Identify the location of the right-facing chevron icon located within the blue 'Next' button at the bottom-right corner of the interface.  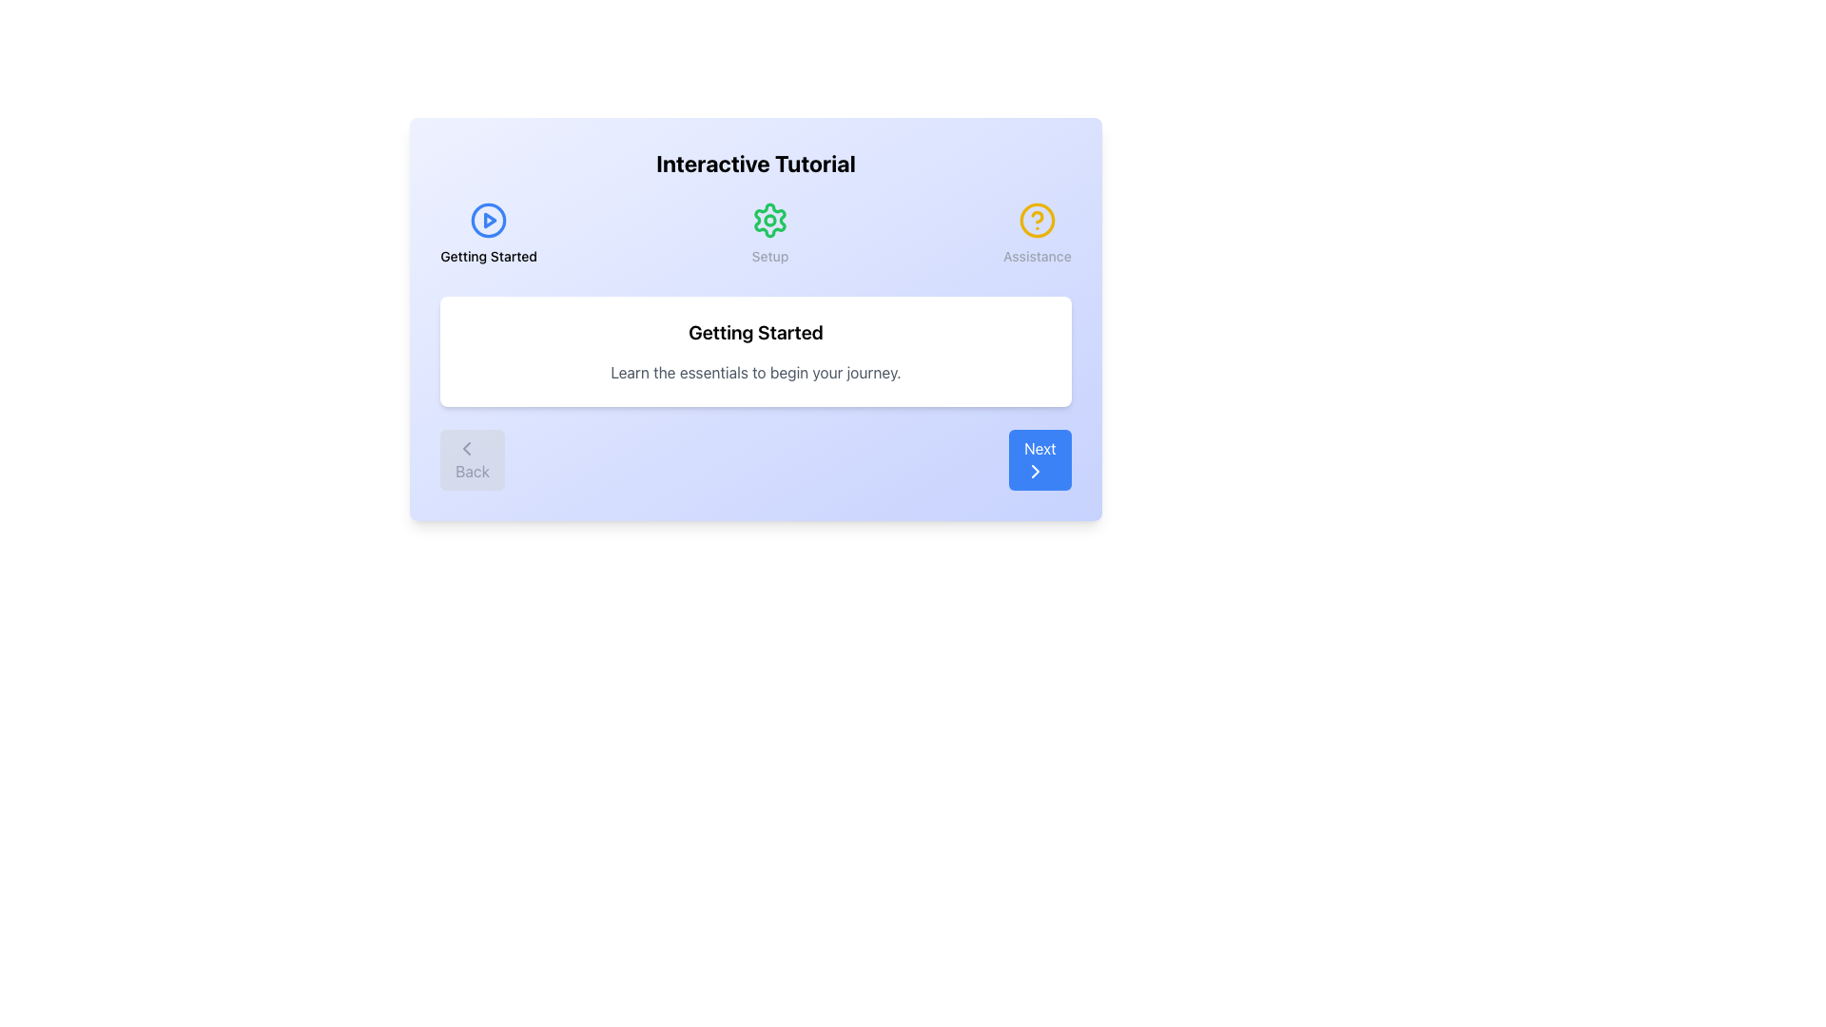
(1035, 471).